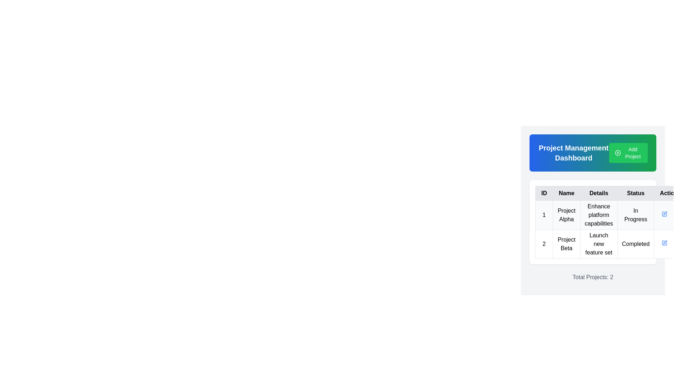 The height and width of the screenshot is (386, 686). What do you see at coordinates (566, 214) in the screenshot?
I see `text content of the label displaying 'Project Alpha', located under the column 'Name' in the first row of the table` at bounding box center [566, 214].